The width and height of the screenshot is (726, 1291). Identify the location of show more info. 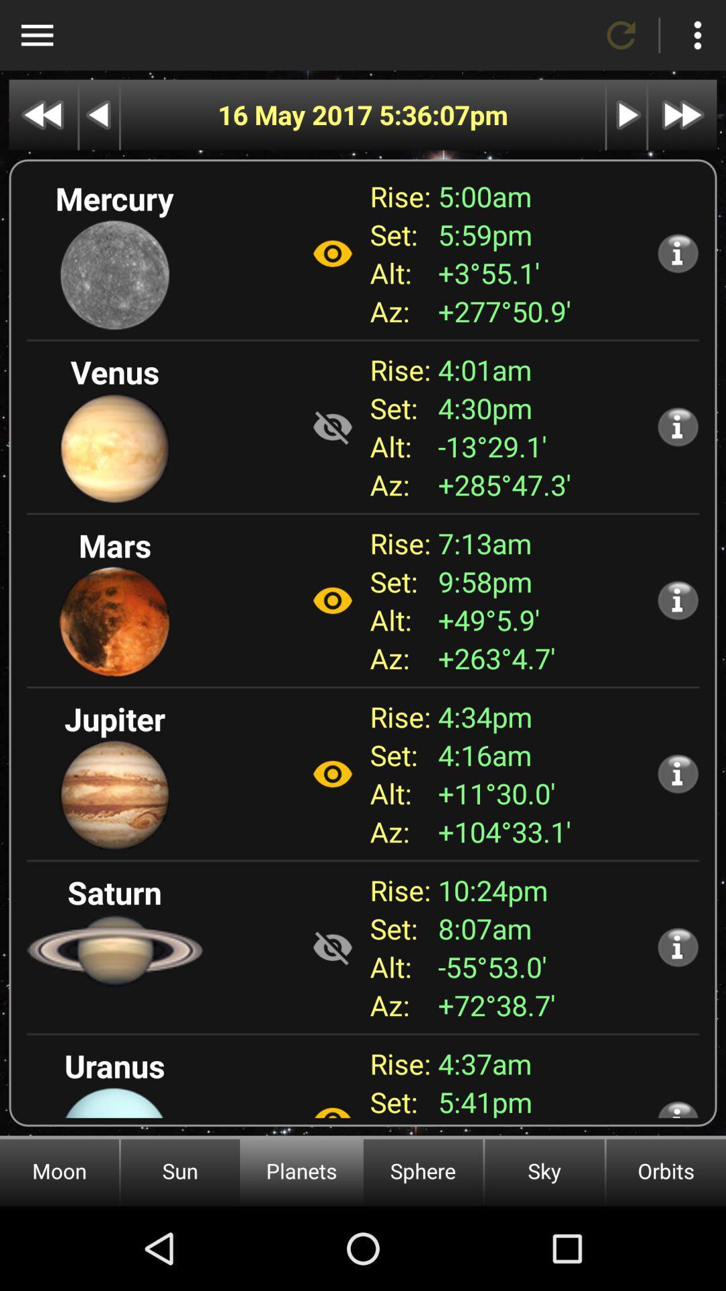
(678, 773).